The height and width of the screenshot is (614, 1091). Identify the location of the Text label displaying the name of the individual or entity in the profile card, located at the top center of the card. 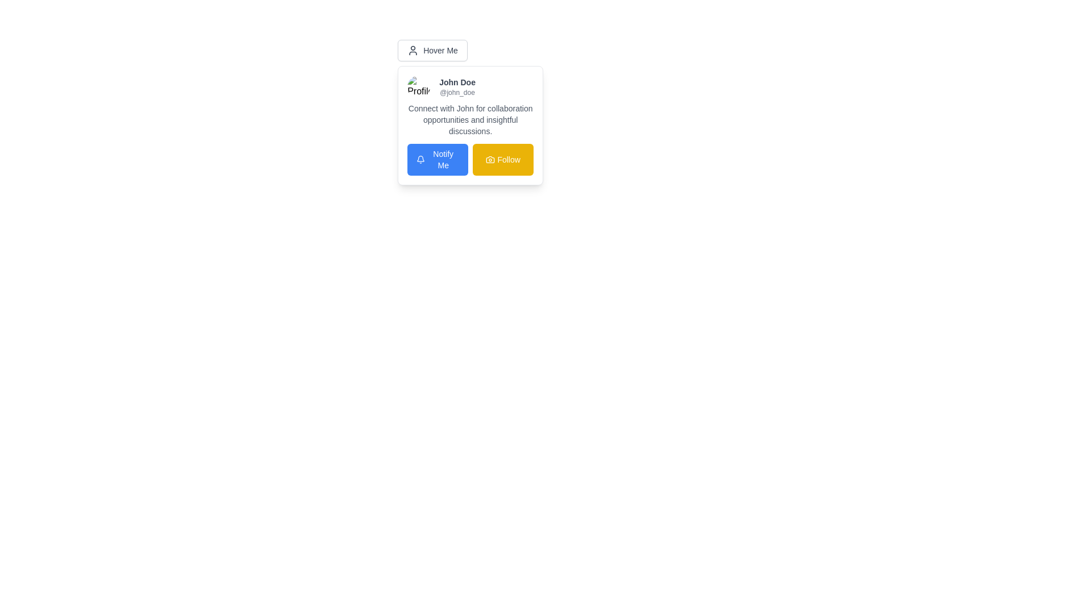
(457, 82).